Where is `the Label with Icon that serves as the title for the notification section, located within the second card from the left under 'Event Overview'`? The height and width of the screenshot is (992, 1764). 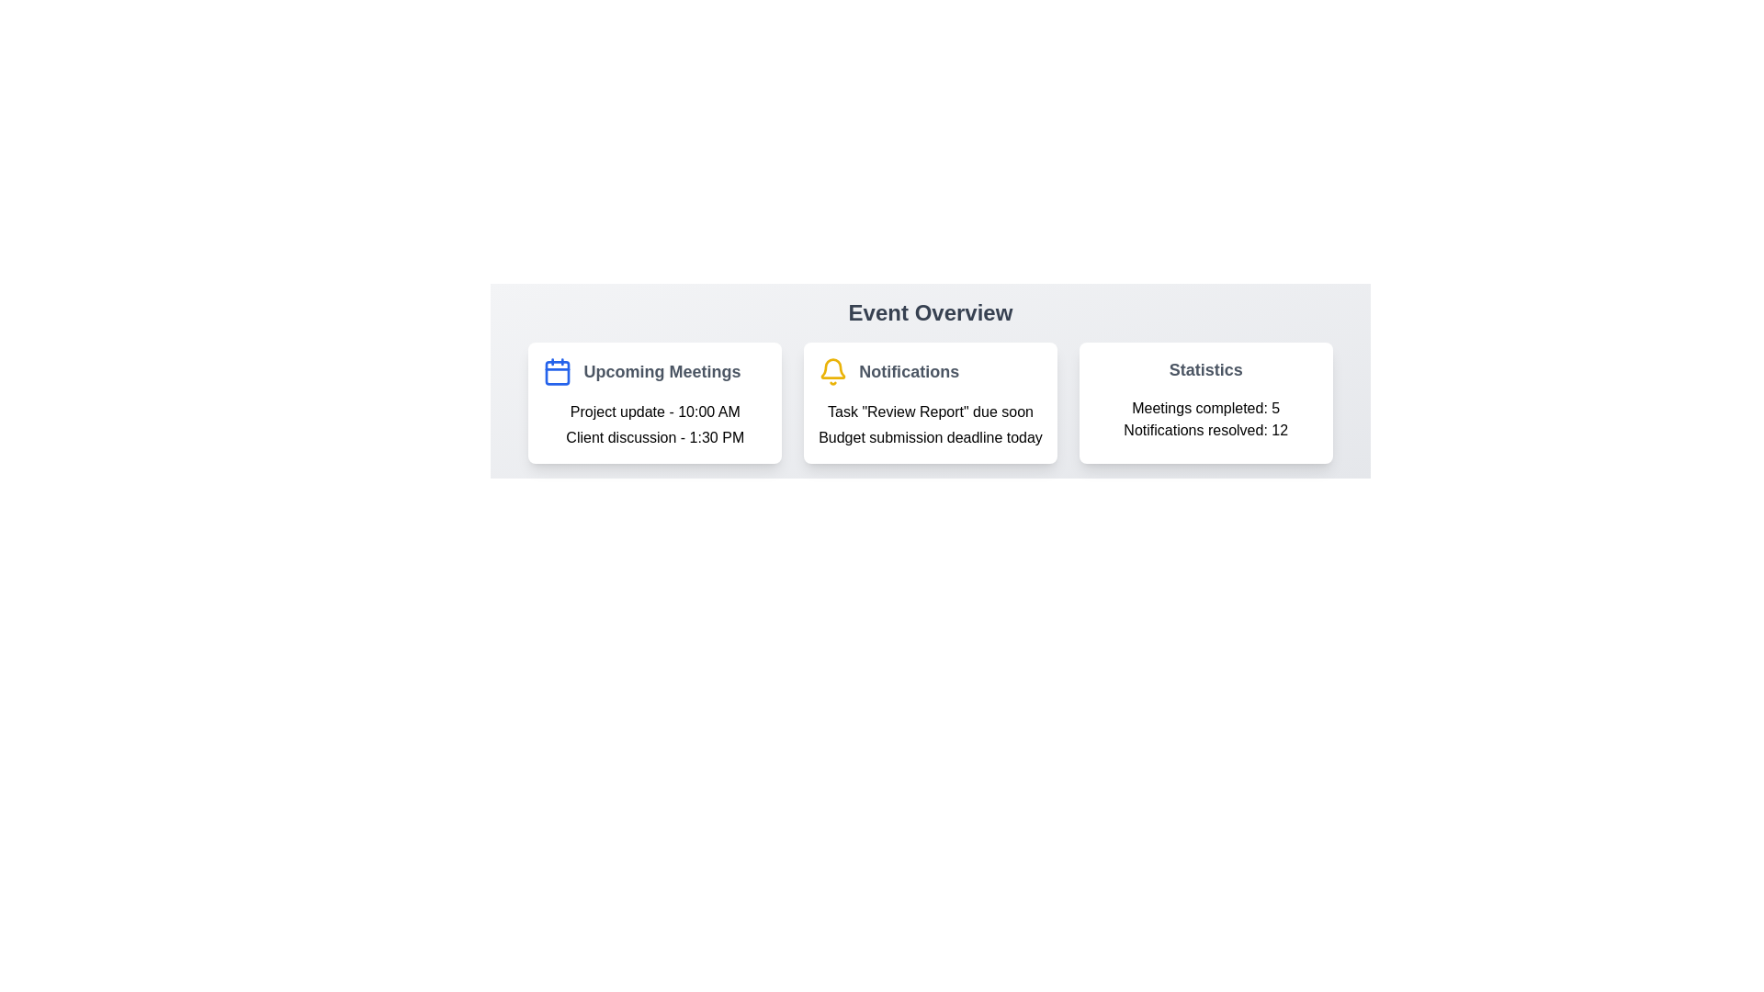 the Label with Icon that serves as the title for the notification section, located within the second card from the left under 'Event Overview' is located at coordinates (930, 372).